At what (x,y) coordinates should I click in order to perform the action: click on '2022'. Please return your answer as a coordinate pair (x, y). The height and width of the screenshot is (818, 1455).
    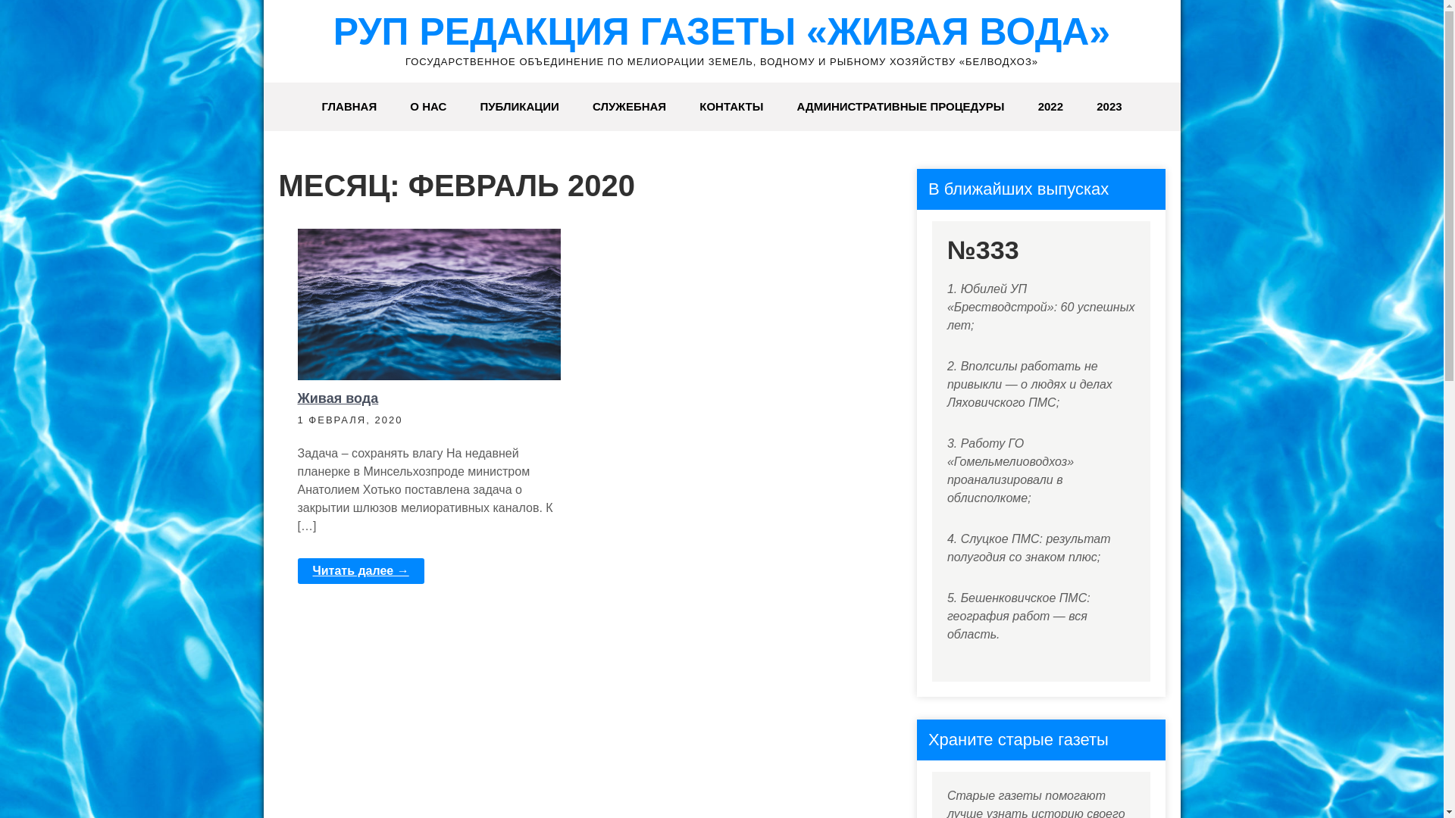
    Looking at the image, I should click on (1050, 106).